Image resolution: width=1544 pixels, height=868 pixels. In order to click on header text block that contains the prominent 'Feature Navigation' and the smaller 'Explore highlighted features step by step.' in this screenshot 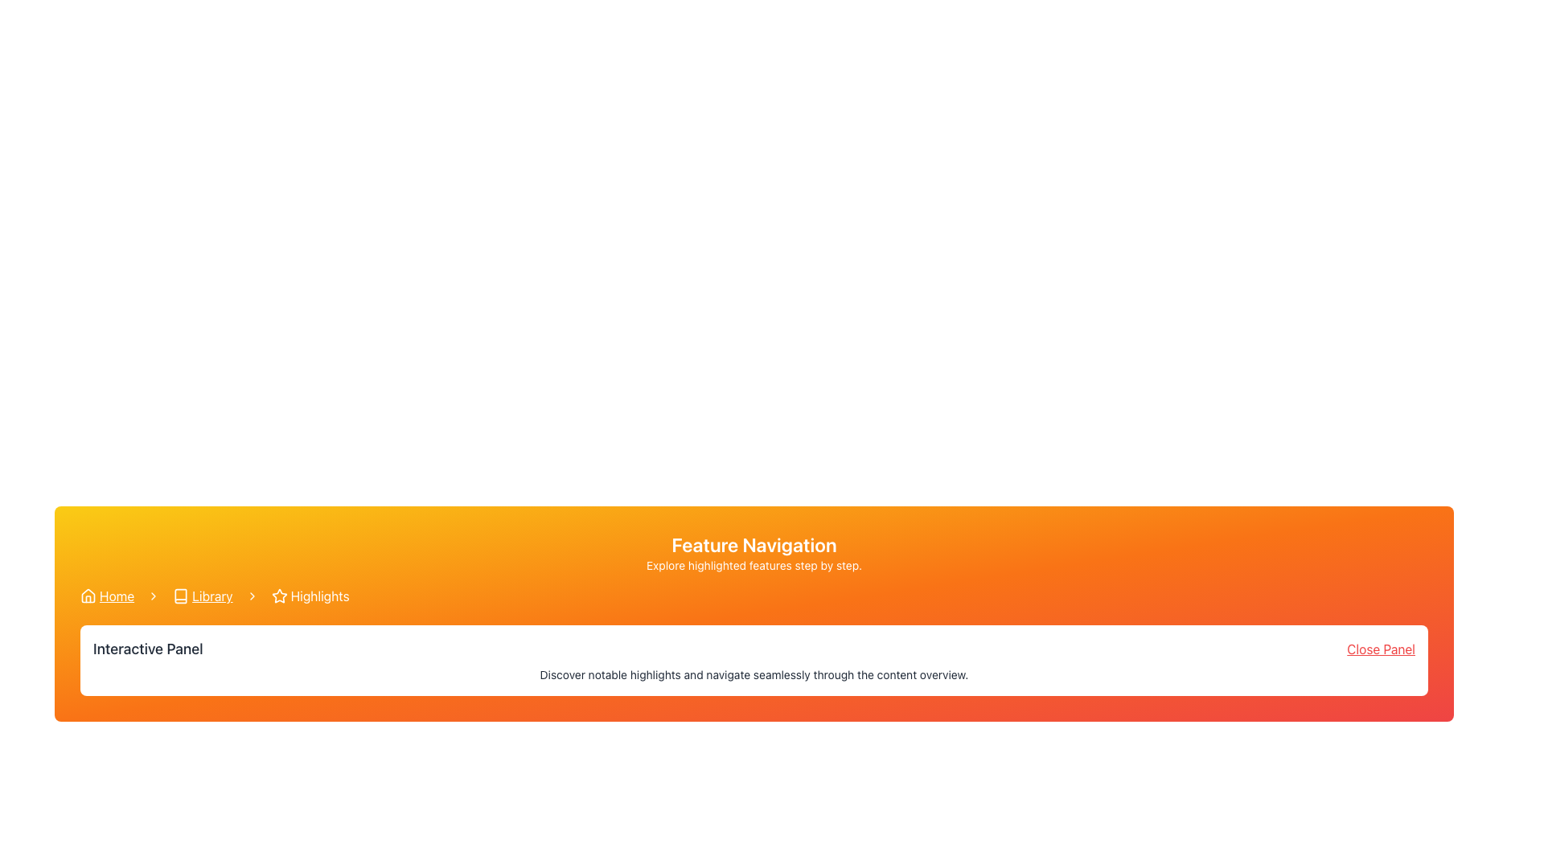, I will do `click(753, 551)`.